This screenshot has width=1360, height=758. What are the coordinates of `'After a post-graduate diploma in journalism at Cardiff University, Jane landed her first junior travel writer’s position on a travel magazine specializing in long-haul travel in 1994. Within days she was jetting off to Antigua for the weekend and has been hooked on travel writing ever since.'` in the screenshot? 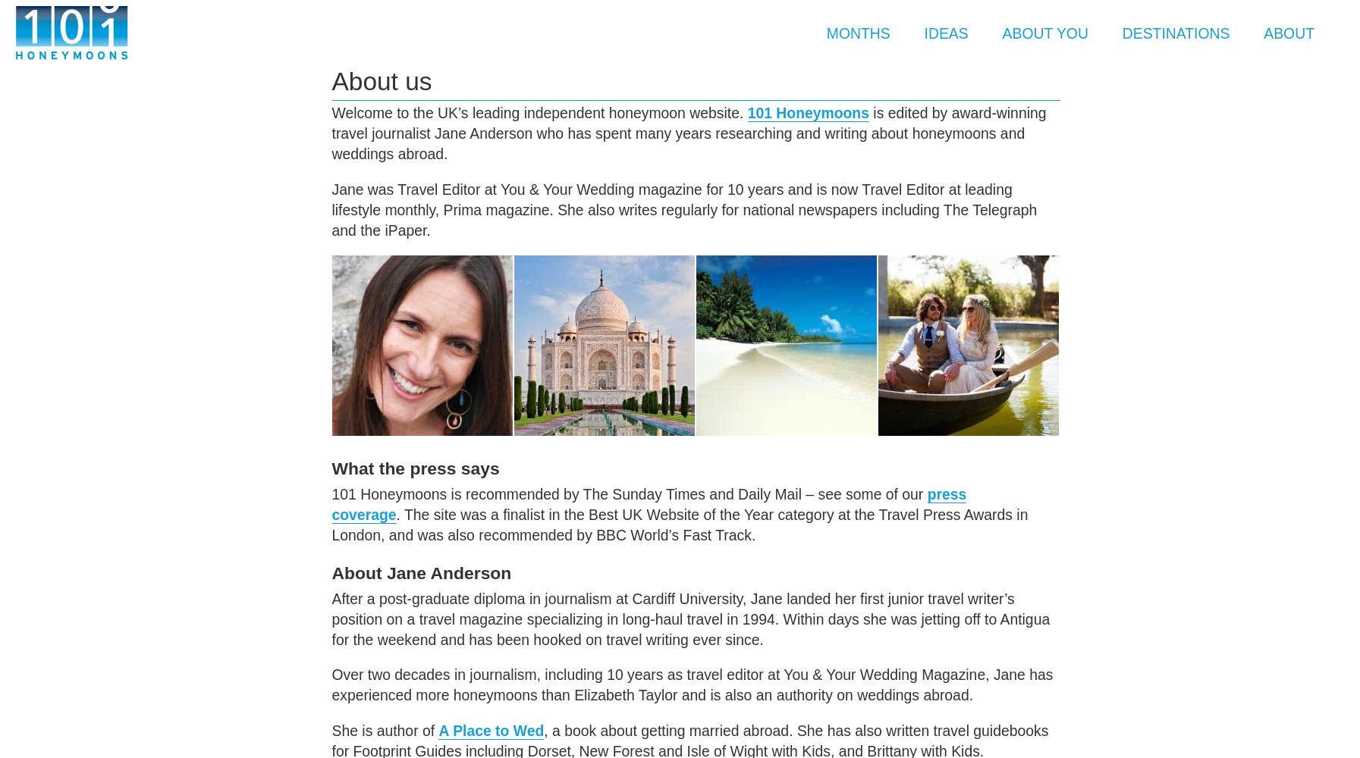 It's located at (690, 618).